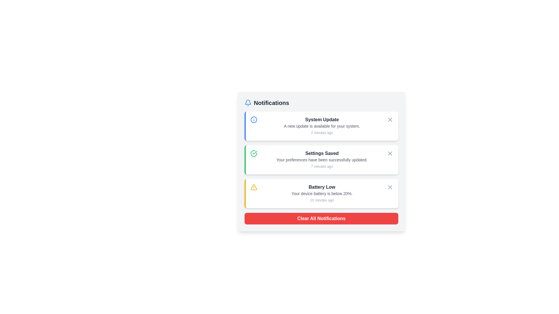 The height and width of the screenshot is (314, 559). What do you see at coordinates (390, 153) in the screenshot?
I see `the close button in the upper-right corner of the 'Settings Saved' notification card` at bounding box center [390, 153].